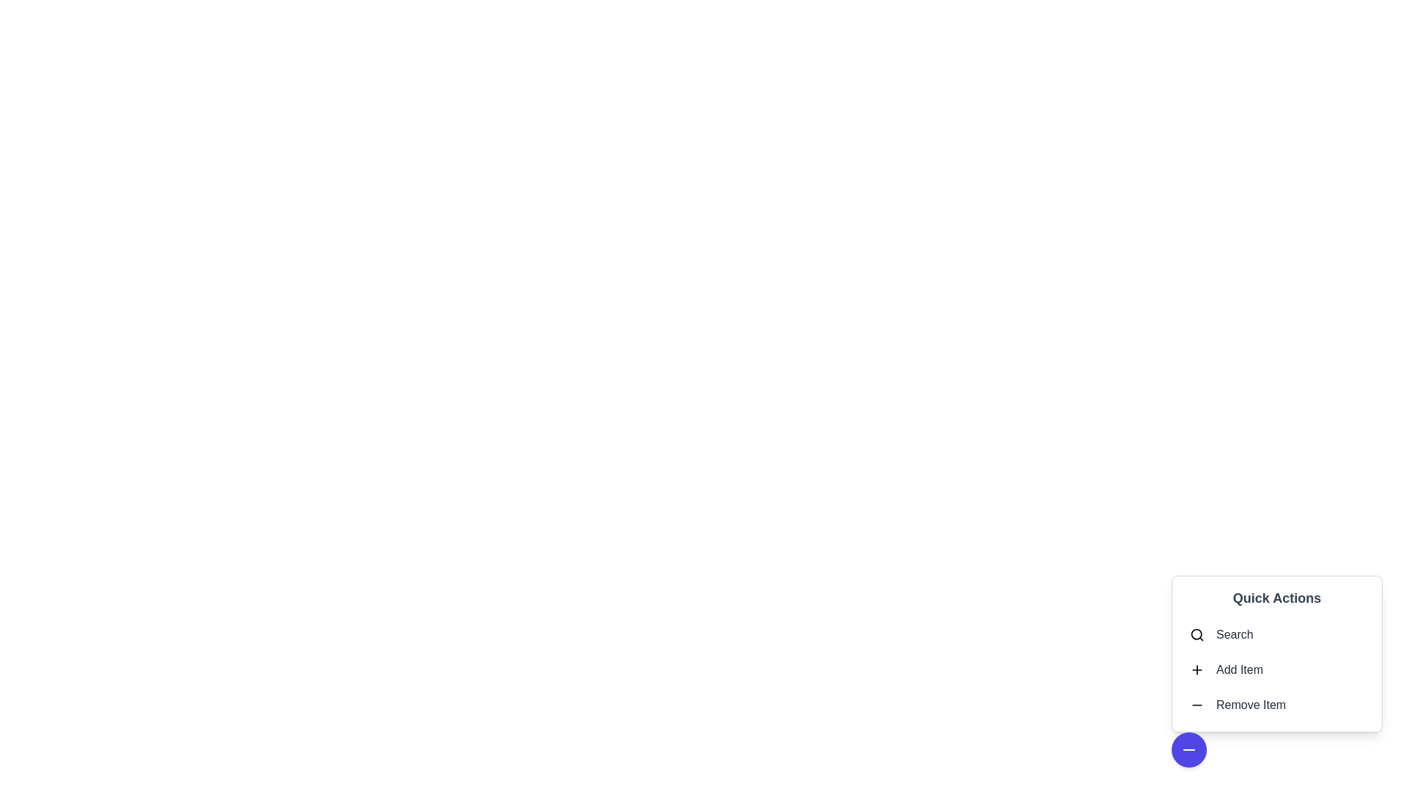 This screenshot has width=1406, height=791. Describe the element at coordinates (1197, 634) in the screenshot. I see `the search icon located to the left of the text 'Search' under the 'Quick Actions' title in the bottom-right corner of the interface` at that location.